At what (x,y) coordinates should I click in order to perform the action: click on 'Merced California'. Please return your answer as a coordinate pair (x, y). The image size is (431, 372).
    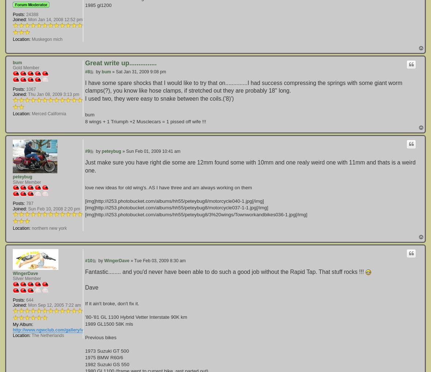
    Looking at the image, I should click on (48, 114).